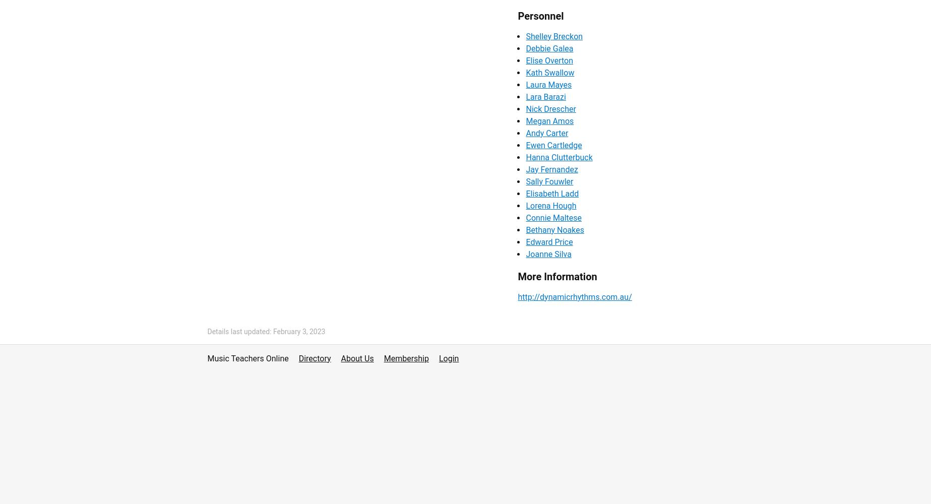  What do you see at coordinates (548, 254) in the screenshot?
I see `'Joanne Silva'` at bounding box center [548, 254].